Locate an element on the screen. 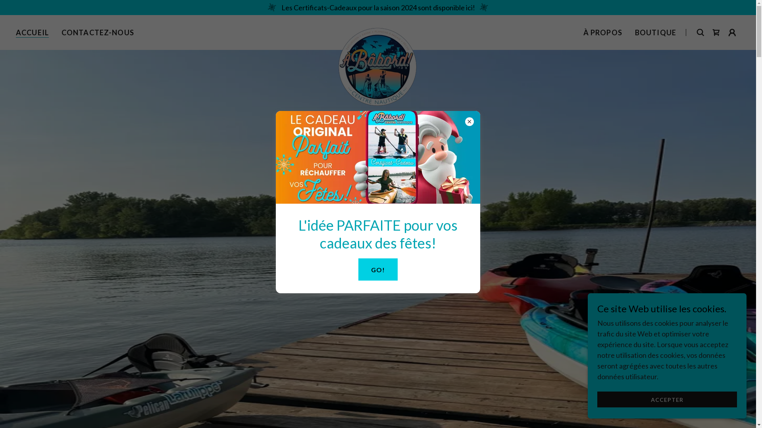  'GO!' is located at coordinates (377, 269).